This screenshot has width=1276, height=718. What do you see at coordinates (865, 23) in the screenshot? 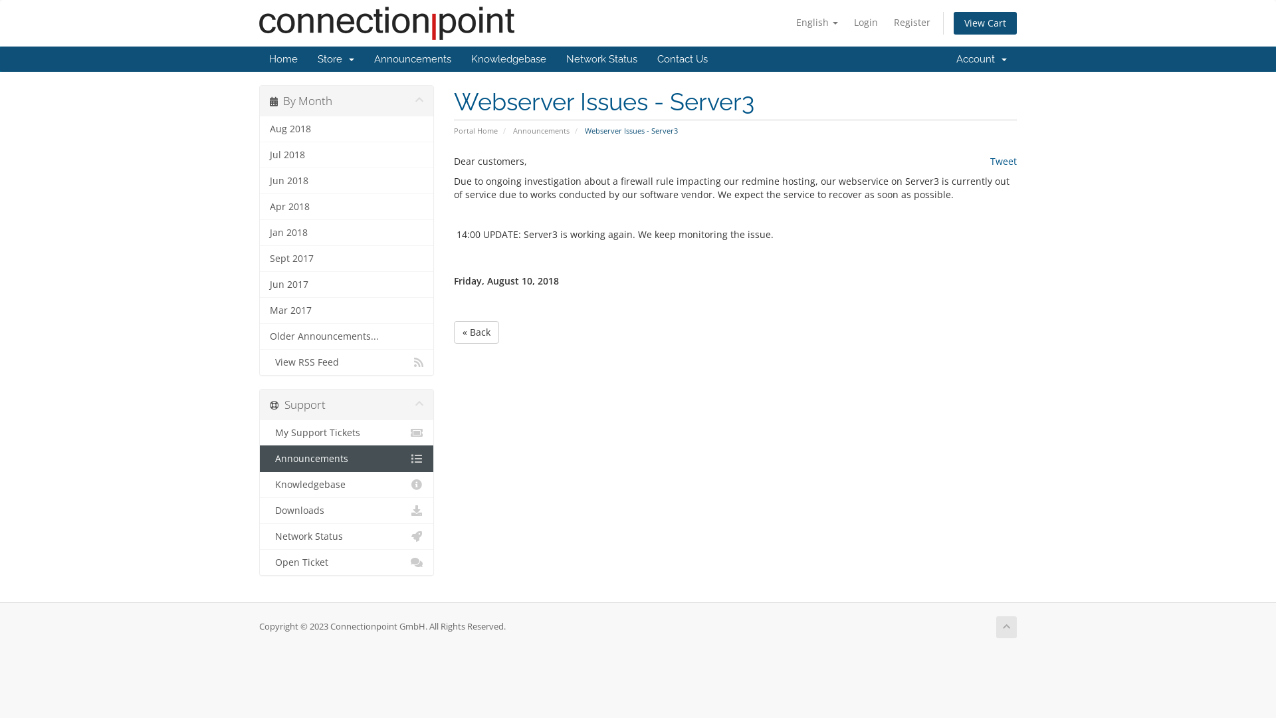
I see `'Login'` at bounding box center [865, 23].